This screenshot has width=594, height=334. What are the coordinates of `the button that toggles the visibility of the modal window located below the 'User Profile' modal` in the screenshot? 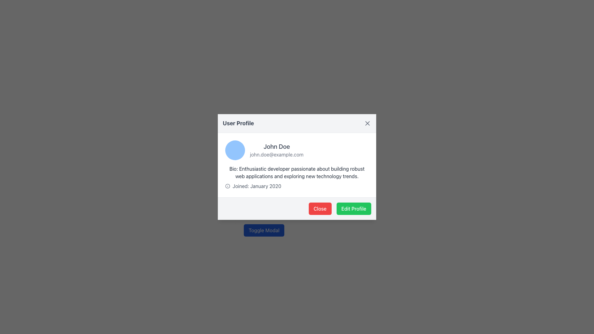 It's located at (264, 230).